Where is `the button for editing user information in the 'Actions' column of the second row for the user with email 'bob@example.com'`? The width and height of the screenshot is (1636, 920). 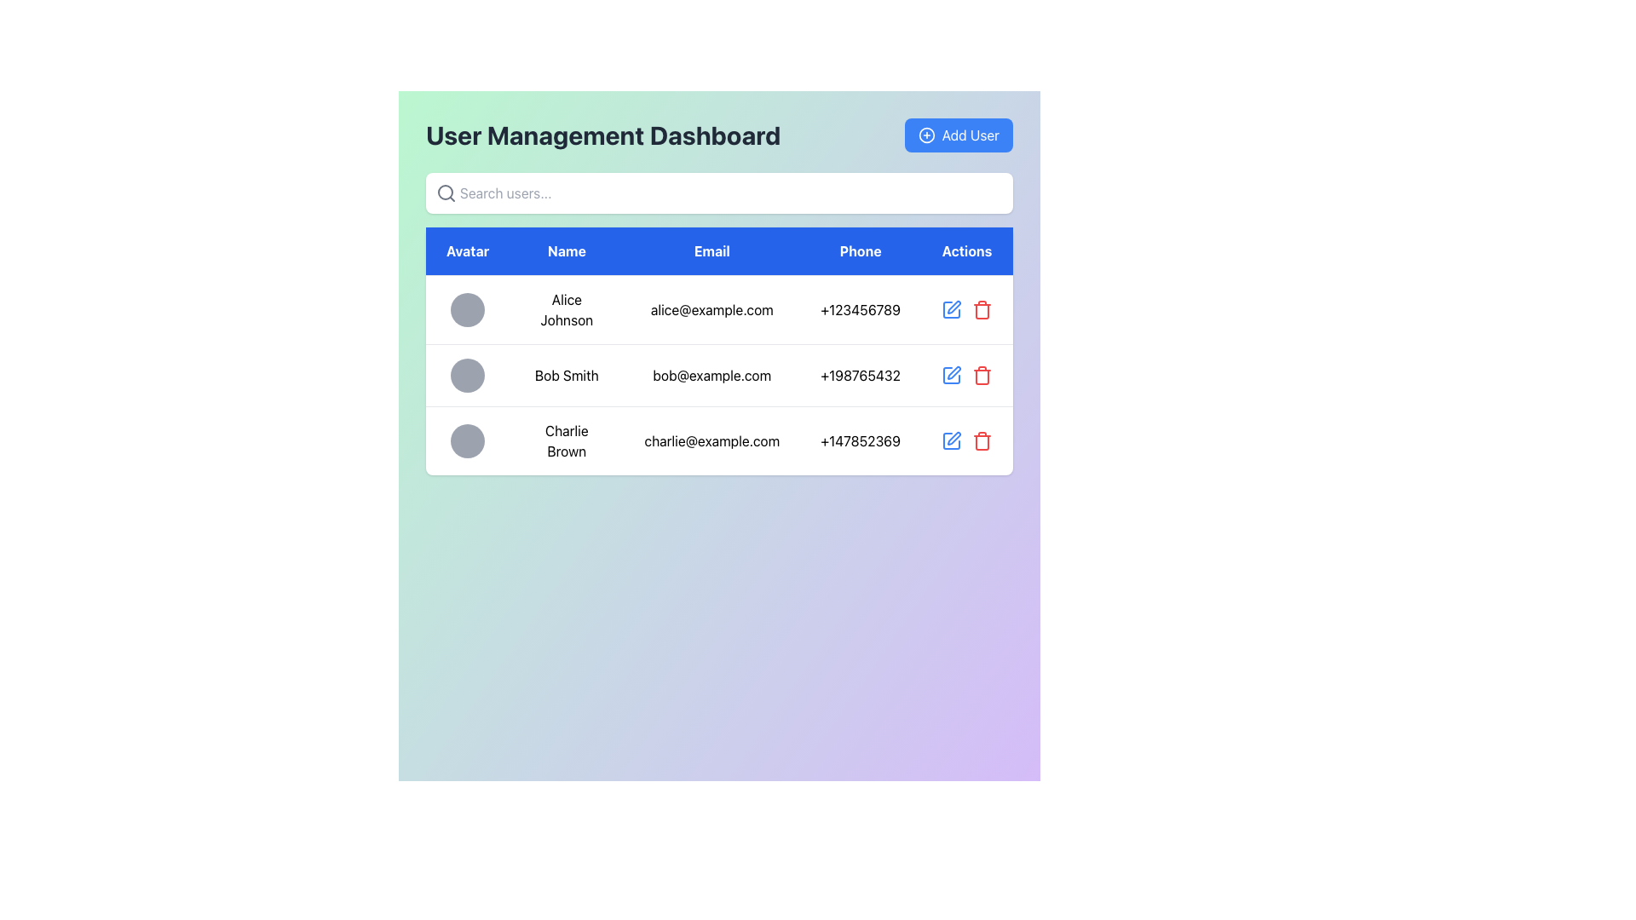
the button for editing user information in the 'Actions' column of the second row for the user with email 'bob@example.com' is located at coordinates (951, 374).